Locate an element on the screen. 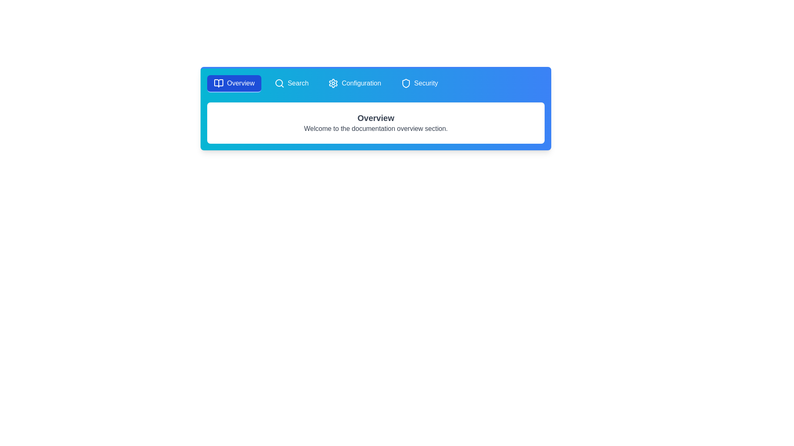 Image resolution: width=794 pixels, height=446 pixels. the 'Security' button which is styled with a shield icon and located in the horizontal navigation bar is located at coordinates (419, 84).